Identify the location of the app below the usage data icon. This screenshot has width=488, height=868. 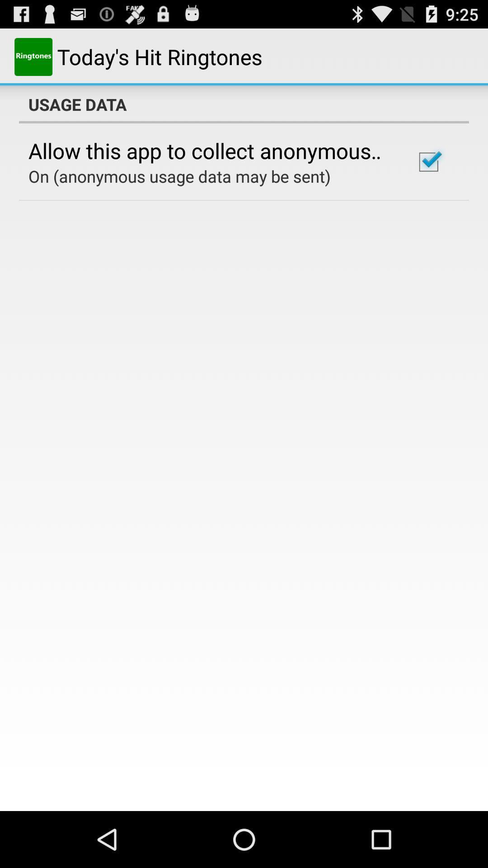
(209, 151).